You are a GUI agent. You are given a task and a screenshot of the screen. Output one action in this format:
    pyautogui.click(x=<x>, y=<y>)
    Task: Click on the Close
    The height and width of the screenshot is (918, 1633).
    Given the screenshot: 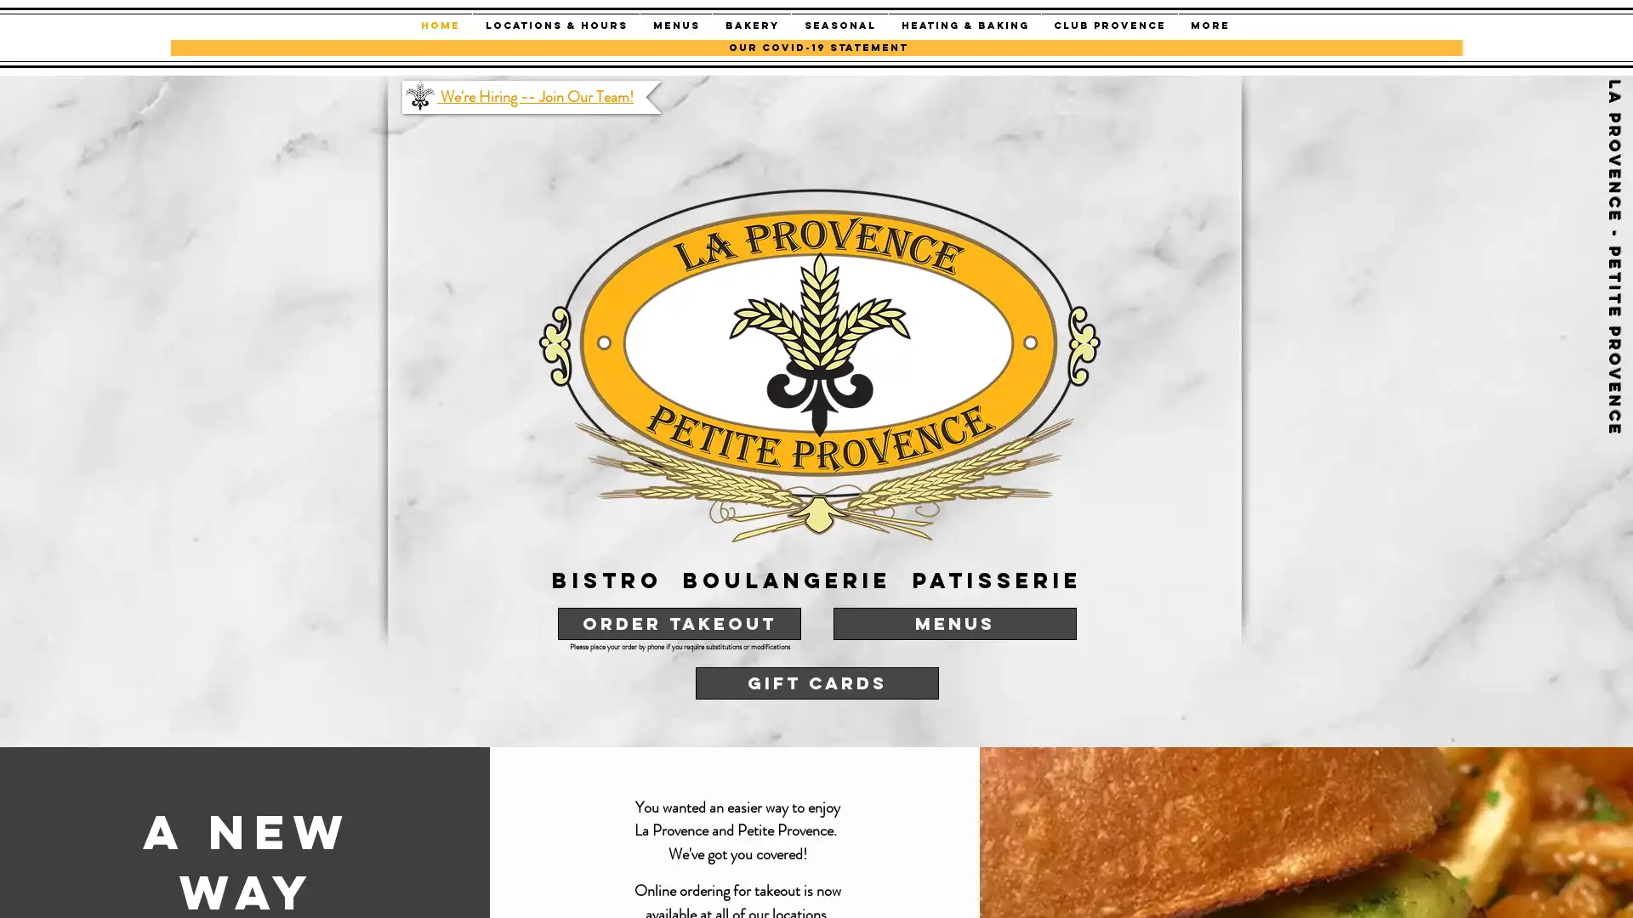 What is the action you would take?
    pyautogui.click(x=1612, y=887)
    